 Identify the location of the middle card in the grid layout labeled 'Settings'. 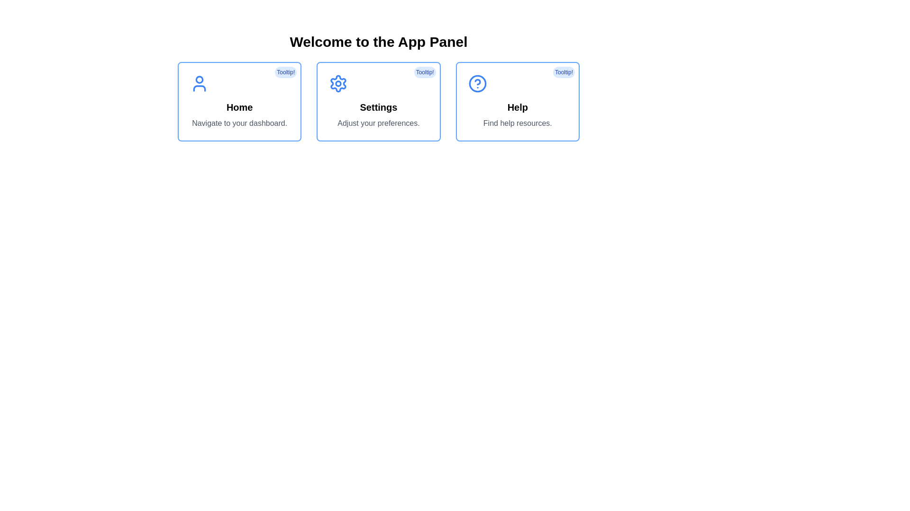
(378, 102).